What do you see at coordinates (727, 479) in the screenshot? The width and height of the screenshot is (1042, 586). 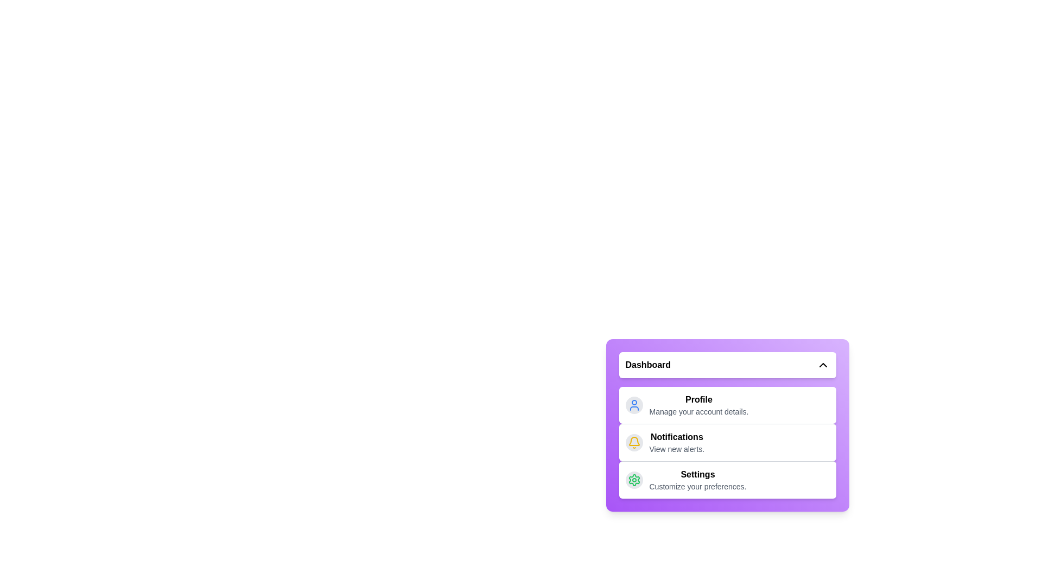 I see `the menu item Settings to view its hover effect` at bounding box center [727, 479].